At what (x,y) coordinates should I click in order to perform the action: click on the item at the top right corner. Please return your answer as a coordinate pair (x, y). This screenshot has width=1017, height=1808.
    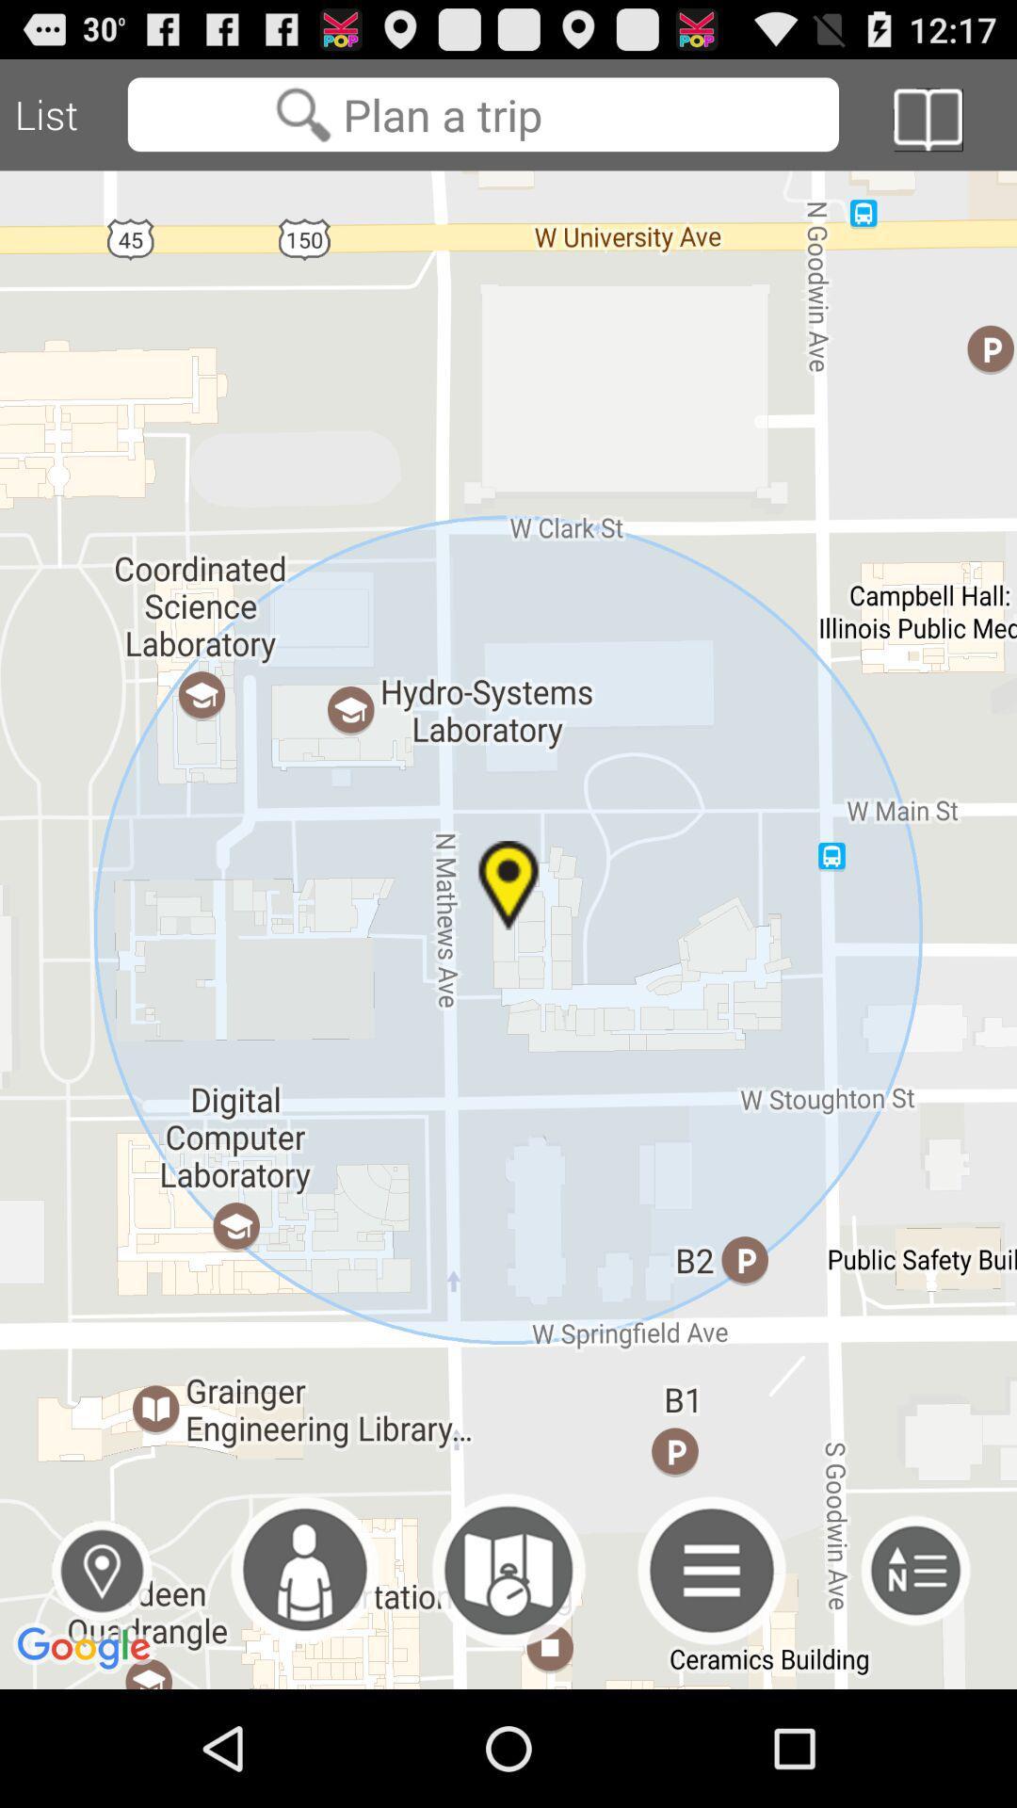
    Looking at the image, I should click on (927, 119).